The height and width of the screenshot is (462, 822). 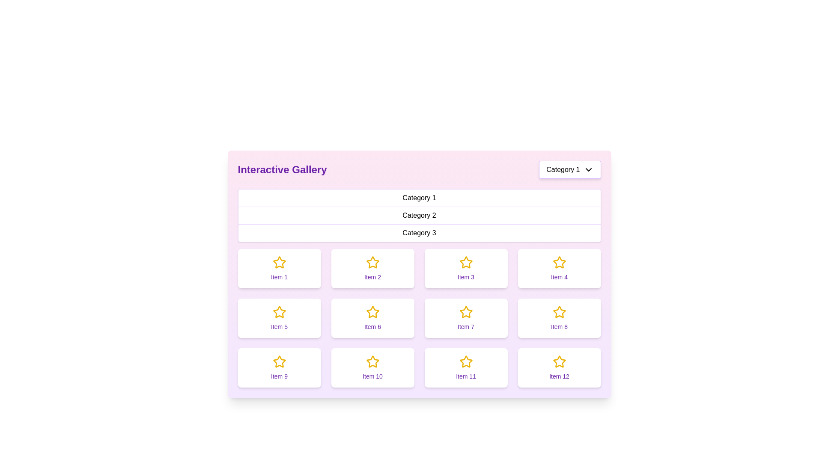 What do you see at coordinates (372, 326) in the screenshot?
I see `the text label reading 'Item 6' which is styled in purple, located in the second row, second column of the grid layout, and positioned below a yellow star icon` at bounding box center [372, 326].